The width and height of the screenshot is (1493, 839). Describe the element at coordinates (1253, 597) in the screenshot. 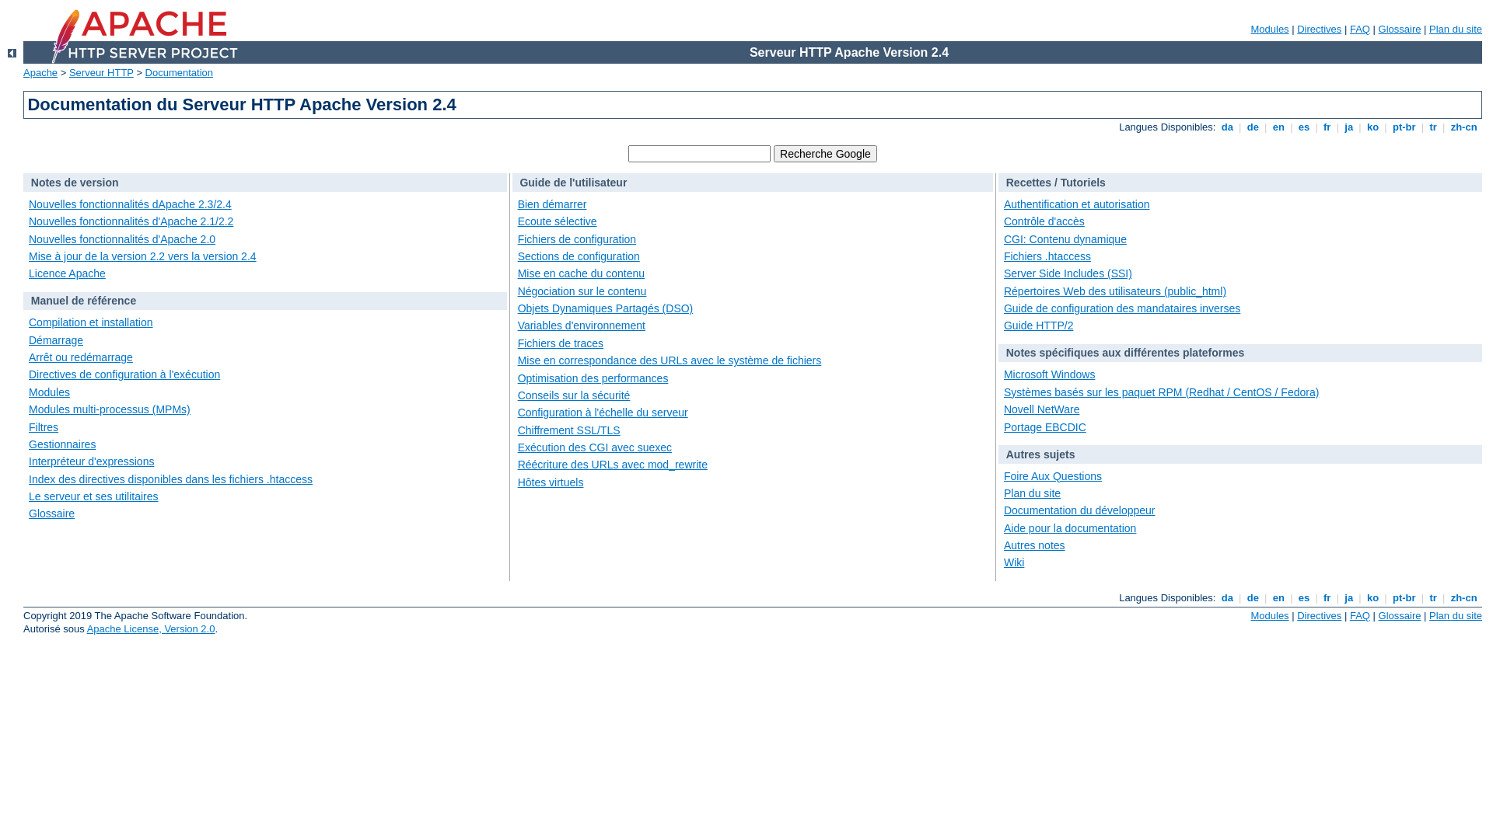

I see `' de '` at that location.